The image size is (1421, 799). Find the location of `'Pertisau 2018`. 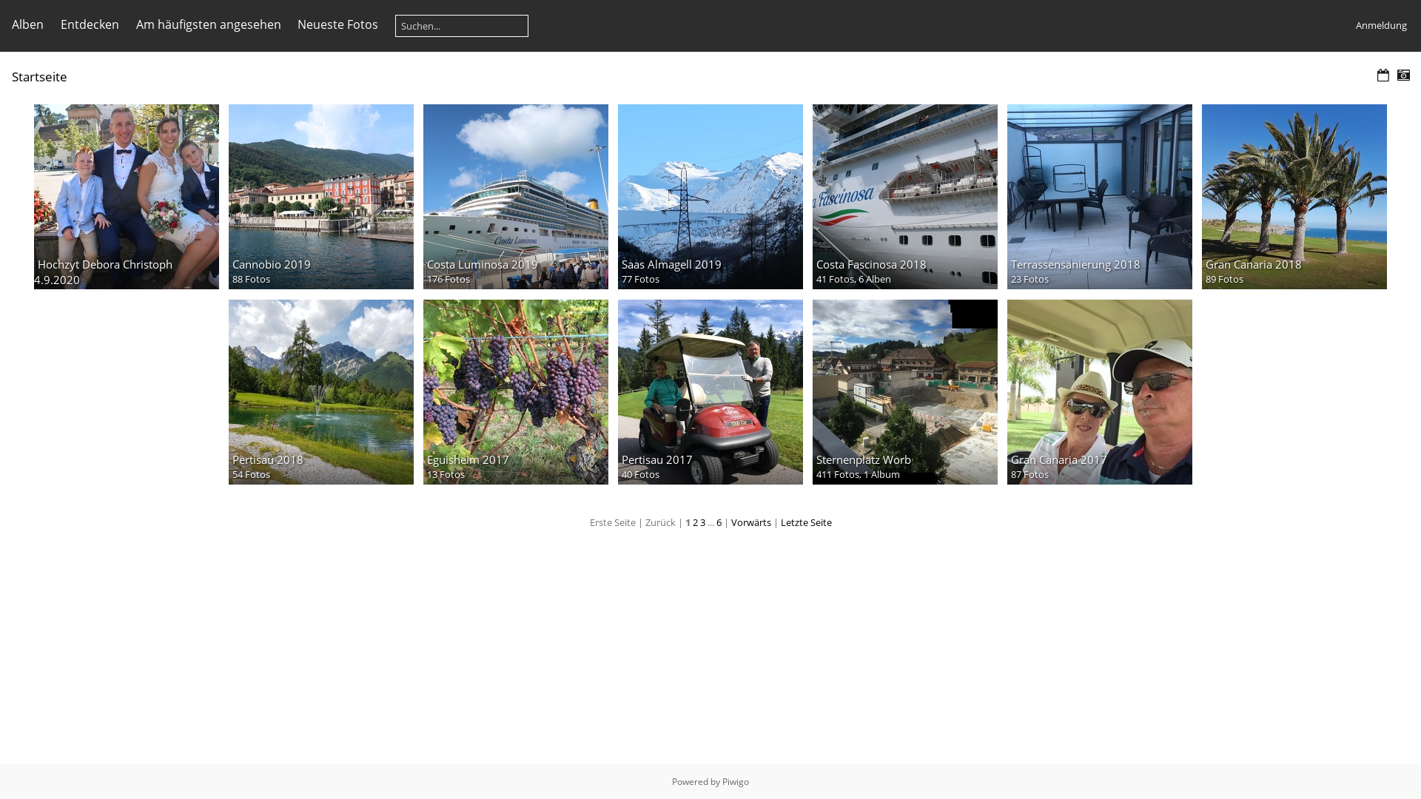

'Pertisau 2018 is located at coordinates (320, 391).